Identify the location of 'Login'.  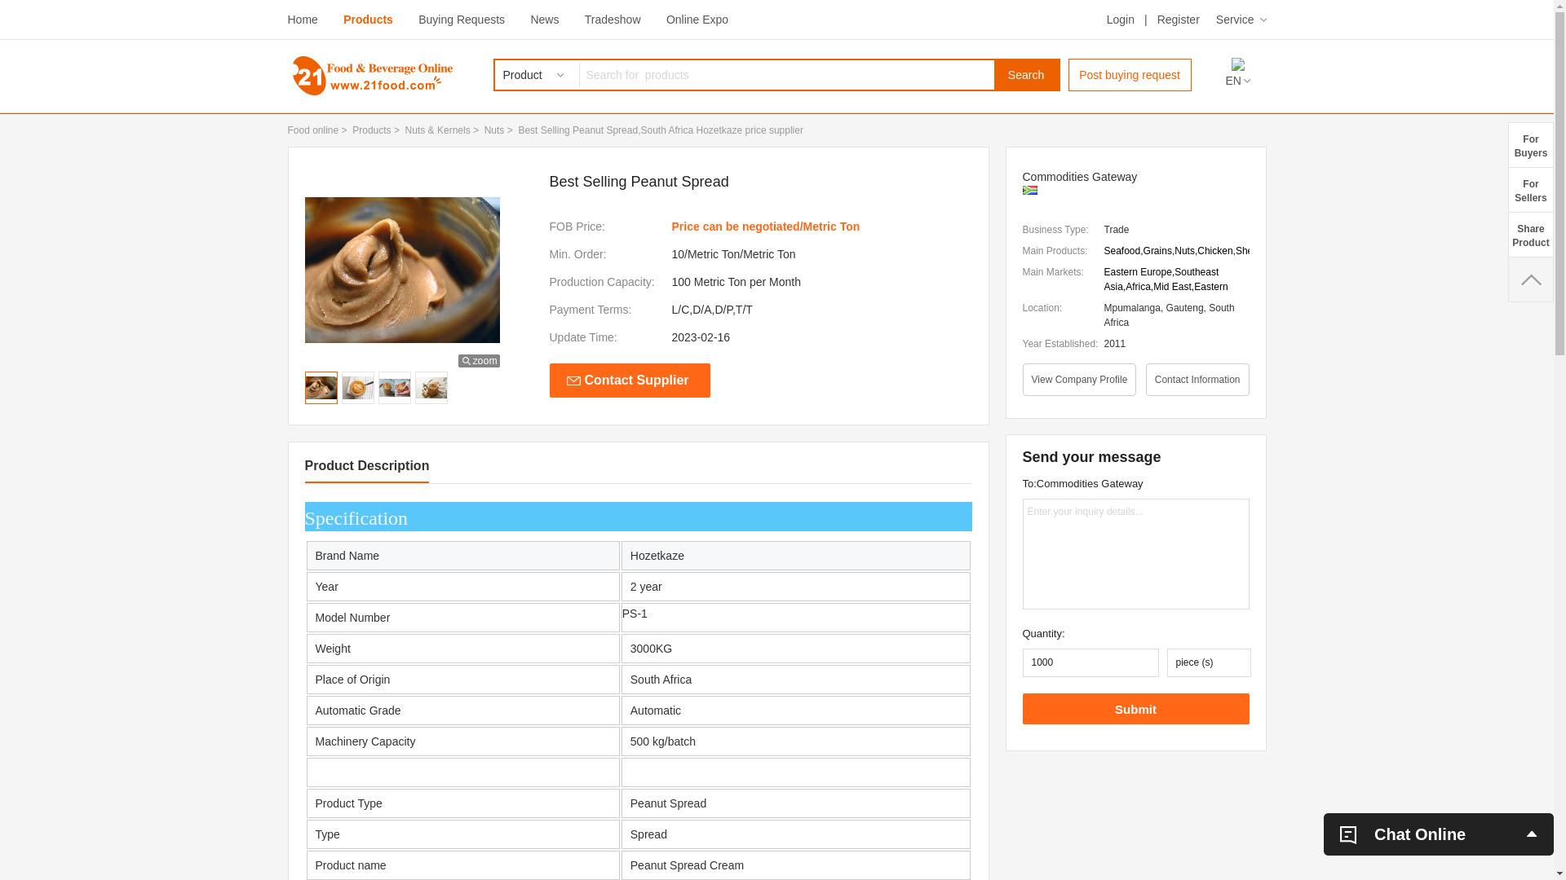
(1119, 19).